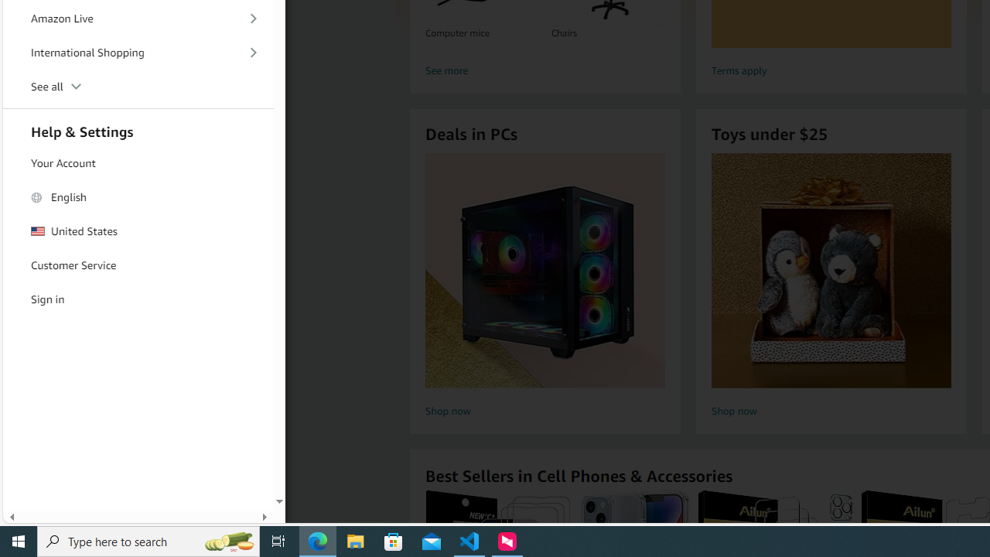  I want to click on 'Amazon Live', so click(138, 18).